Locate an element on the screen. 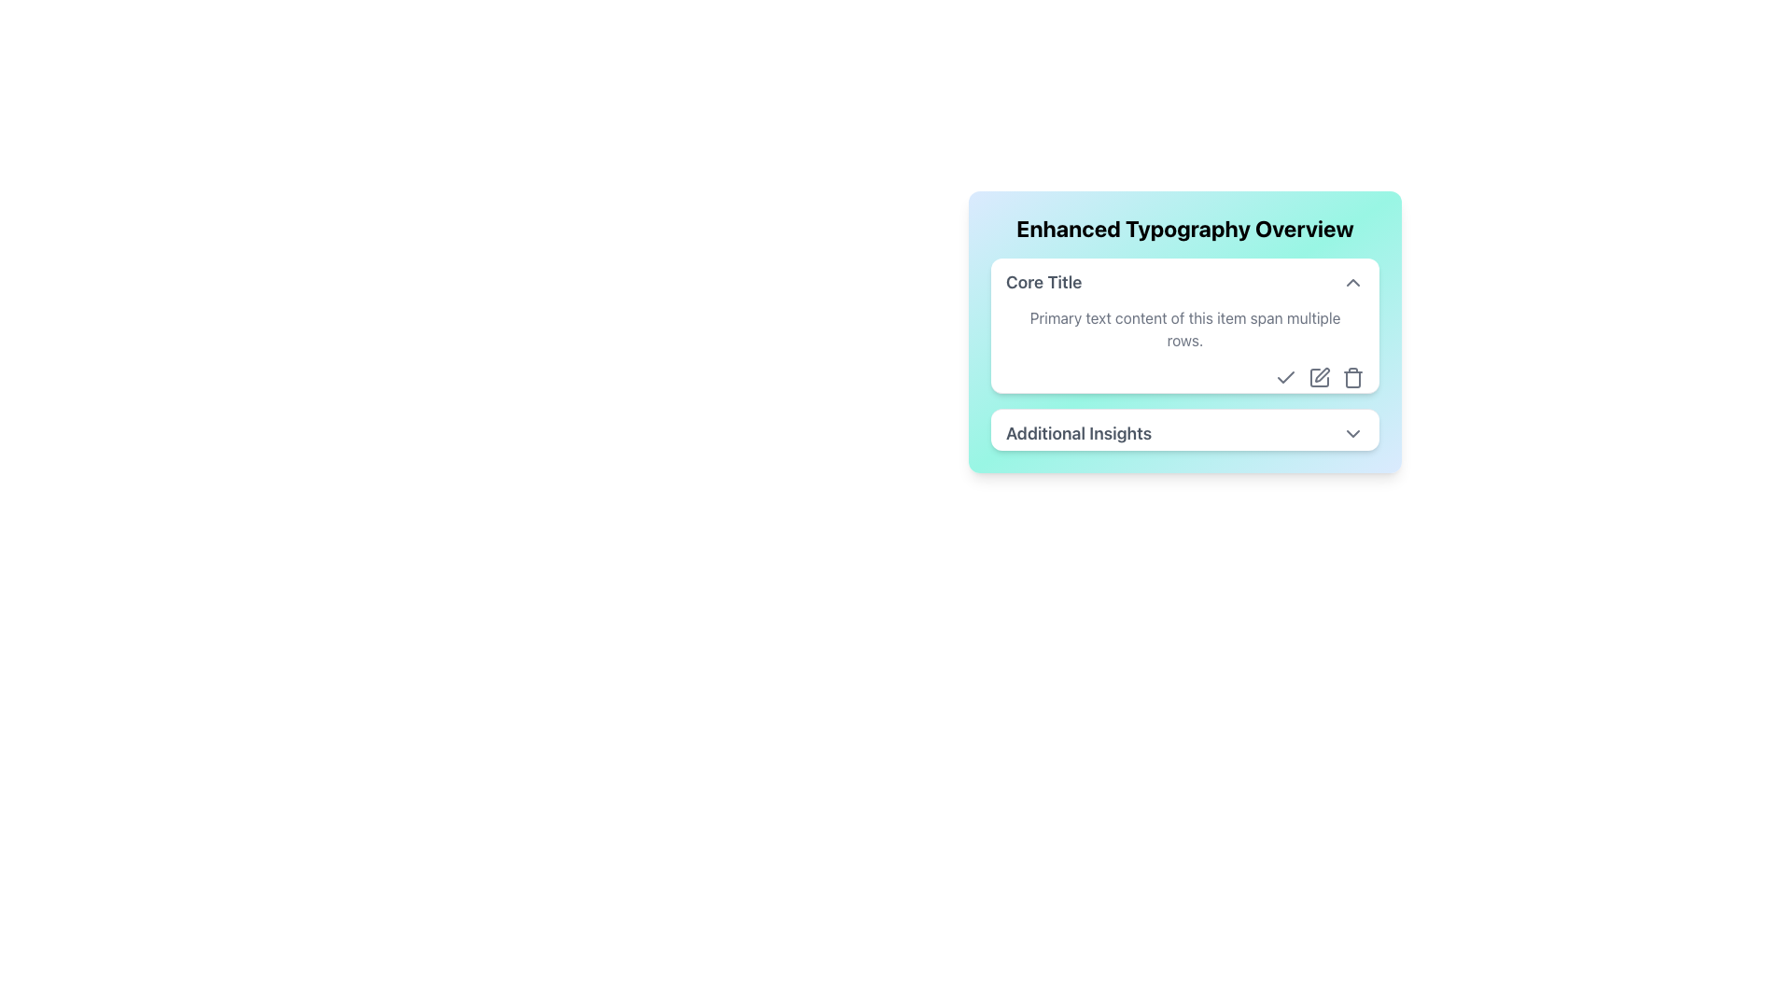 This screenshot has width=1792, height=1008. the chevron icon button located at the rightmost end of the 'Additional Insights' section is located at coordinates (1352, 434).